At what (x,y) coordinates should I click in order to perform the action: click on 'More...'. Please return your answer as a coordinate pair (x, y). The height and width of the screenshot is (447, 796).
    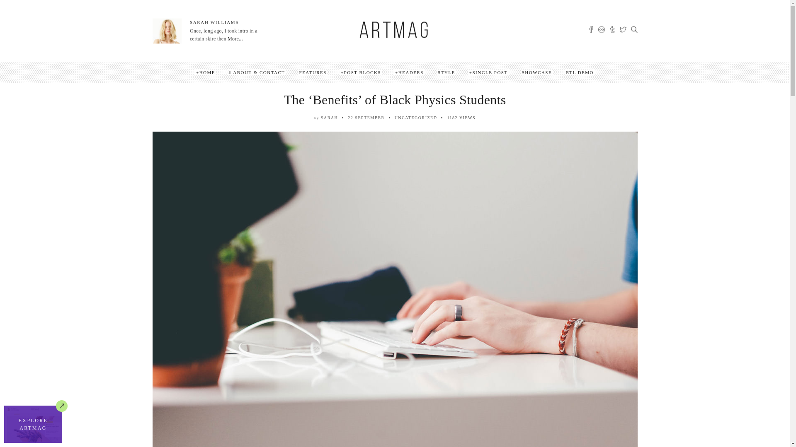
    Looking at the image, I should click on (234, 38).